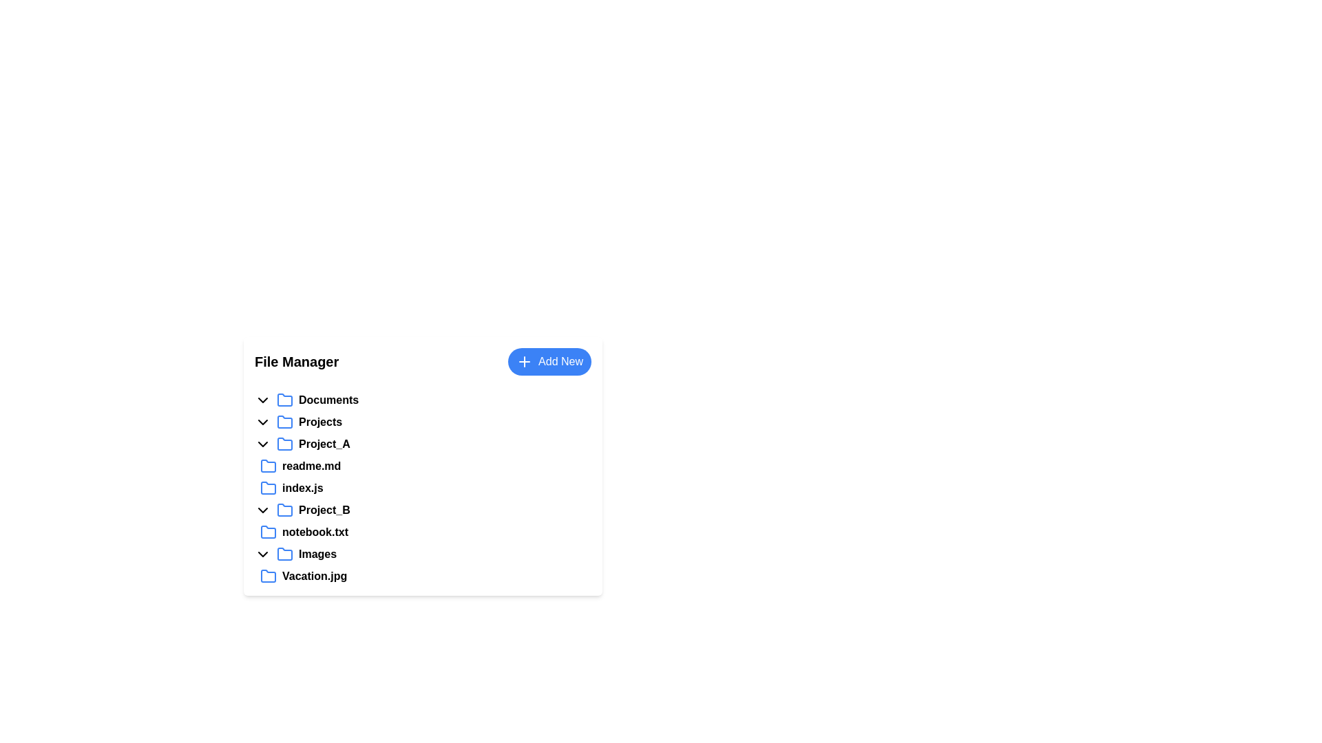 The image size is (1322, 743). I want to click on the text label displaying 'Images' in bold, located under the 'Project_B' folder, so click(317, 554).